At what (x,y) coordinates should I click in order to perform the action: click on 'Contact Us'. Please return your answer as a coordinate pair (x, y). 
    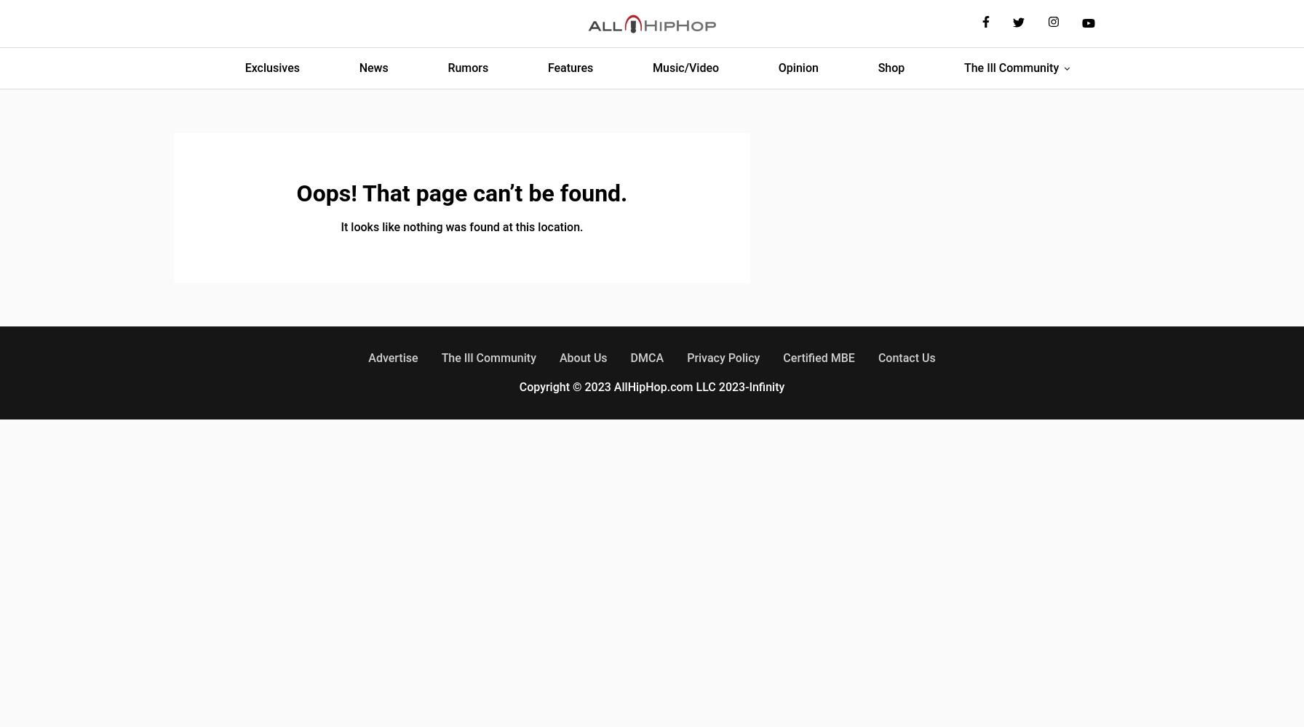
    Looking at the image, I should click on (878, 357).